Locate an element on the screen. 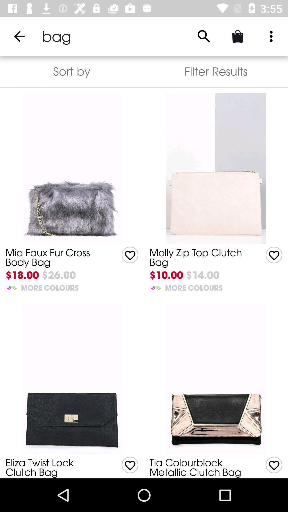 The image size is (288, 512). the icon next to the more colours item is located at coordinates (12, 286).